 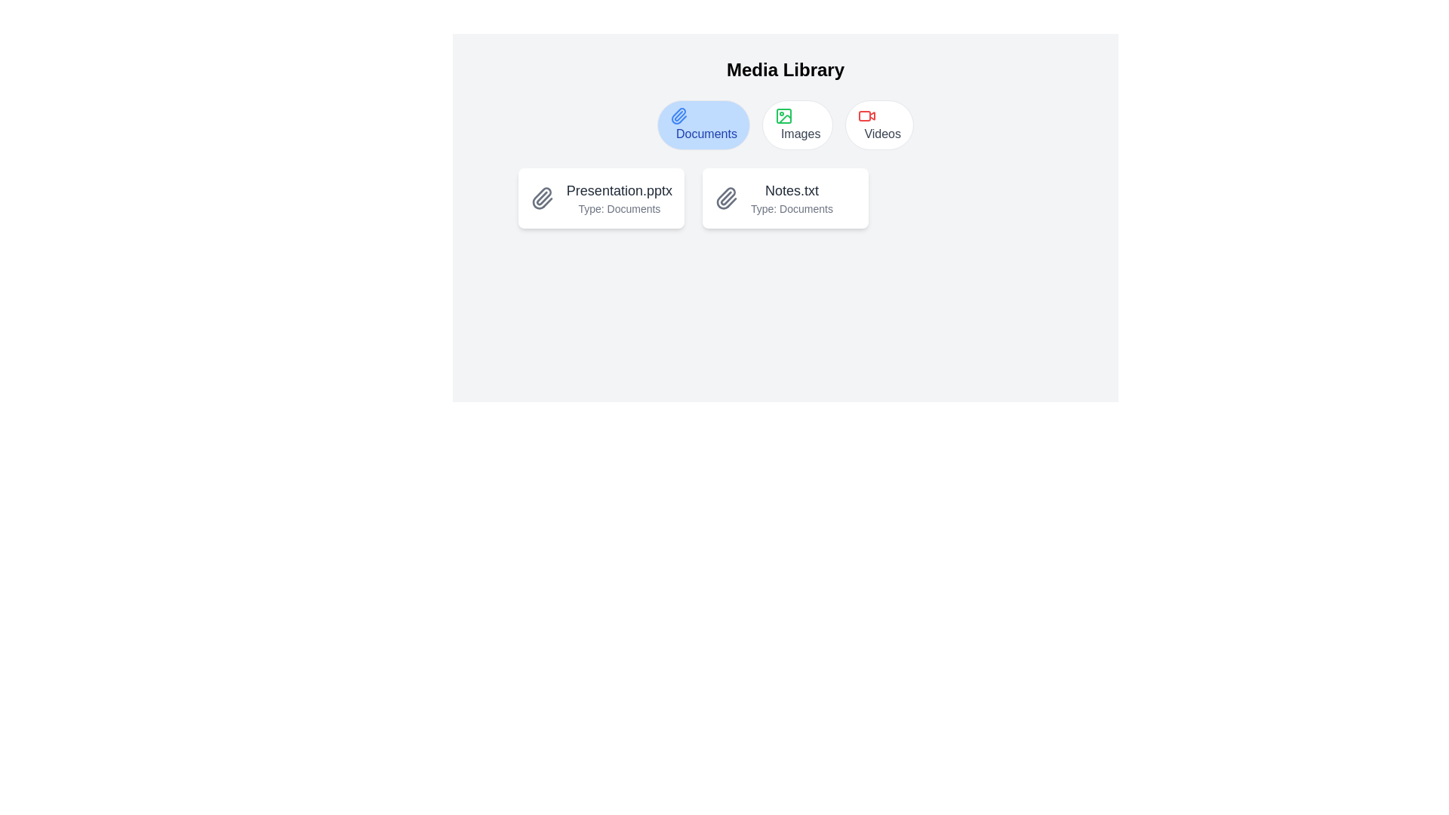 I want to click on the paperclip icon located at the top left of the card labeled 'Presentation.pptx' in the Documents section of the Media Library interface, so click(x=542, y=197).